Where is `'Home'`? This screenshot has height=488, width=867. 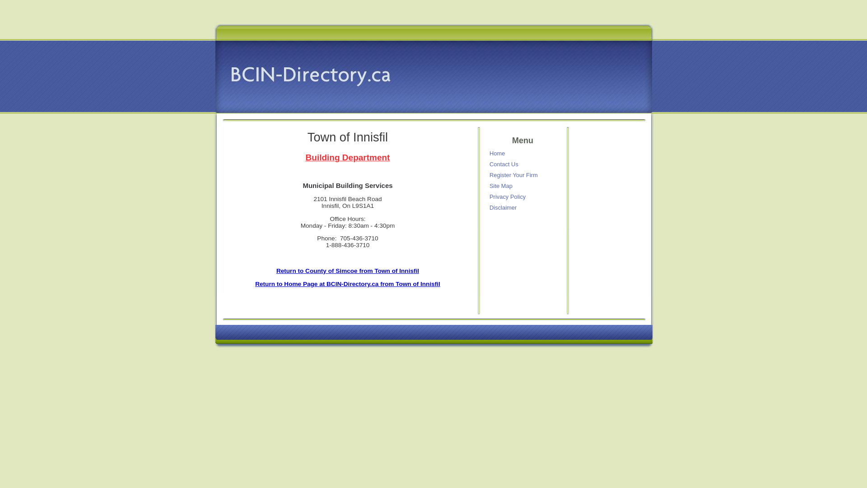 'Home' is located at coordinates (524, 153).